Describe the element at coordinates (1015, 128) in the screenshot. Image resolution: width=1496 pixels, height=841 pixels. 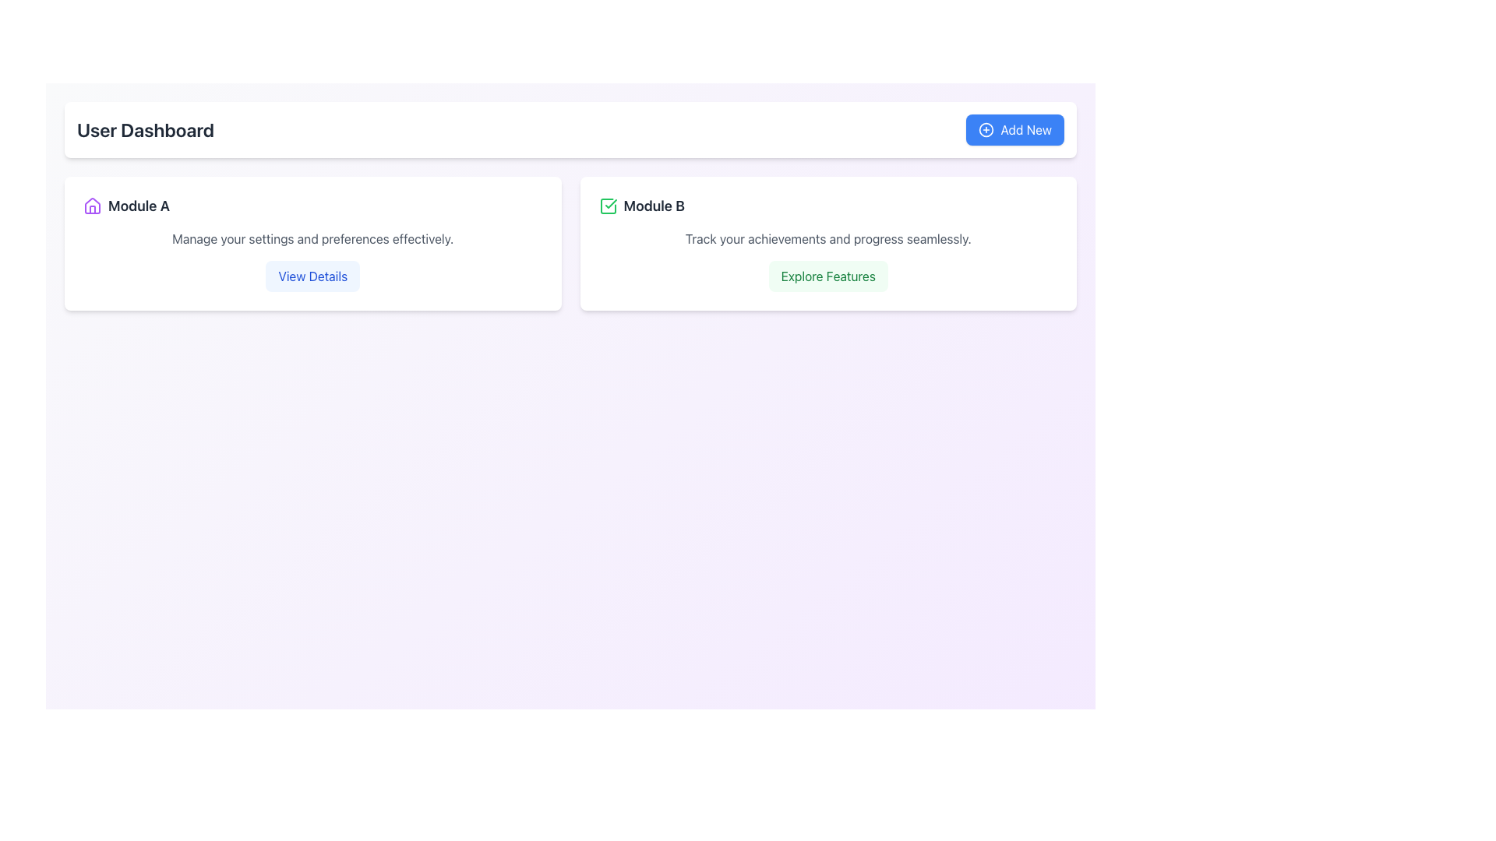
I see `the blue 'Add New' button located in the header area of the 'User Dashboard', which features a plus icon and bold text` at that location.